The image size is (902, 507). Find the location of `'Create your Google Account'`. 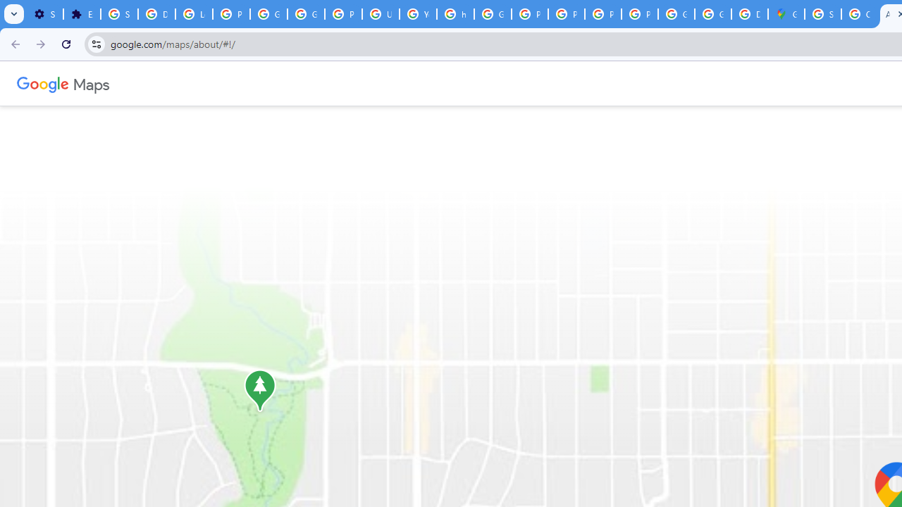

'Create your Google Account' is located at coordinates (858, 14).